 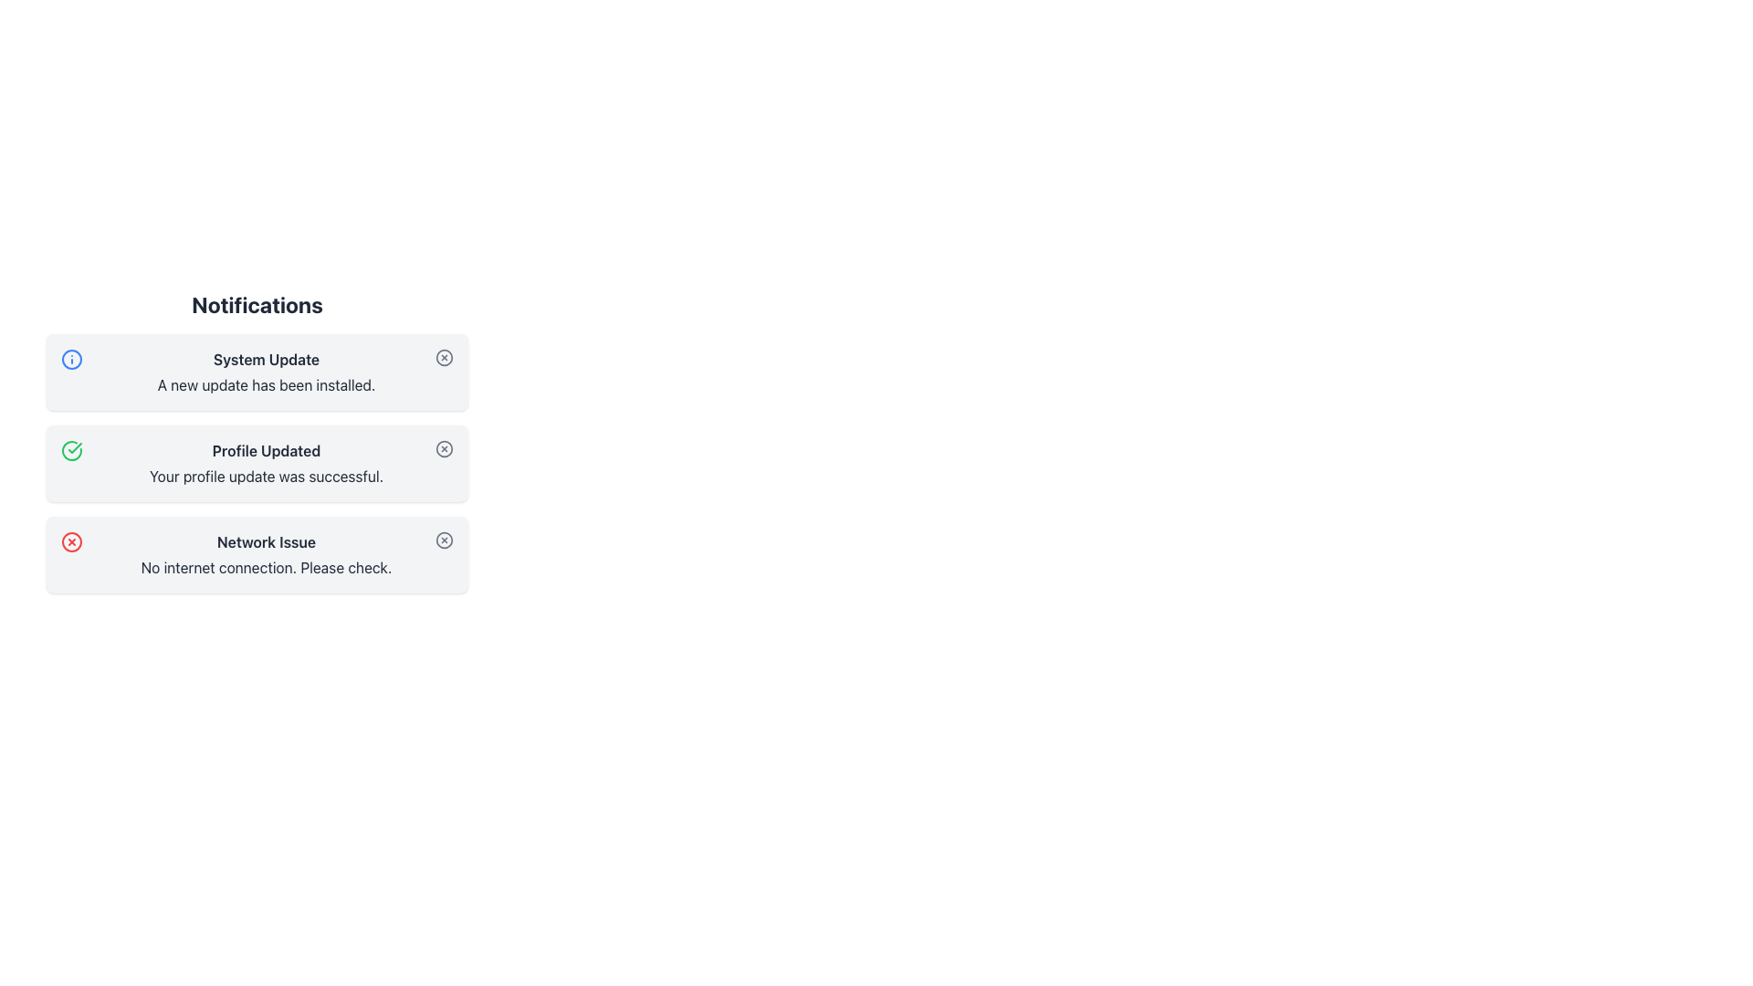 What do you see at coordinates (266, 372) in the screenshot?
I see `the first notification block titled 'System Update', which contains a bold title and supplementary information, centered in a light gray rounded rectangle` at bounding box center [266, 372].